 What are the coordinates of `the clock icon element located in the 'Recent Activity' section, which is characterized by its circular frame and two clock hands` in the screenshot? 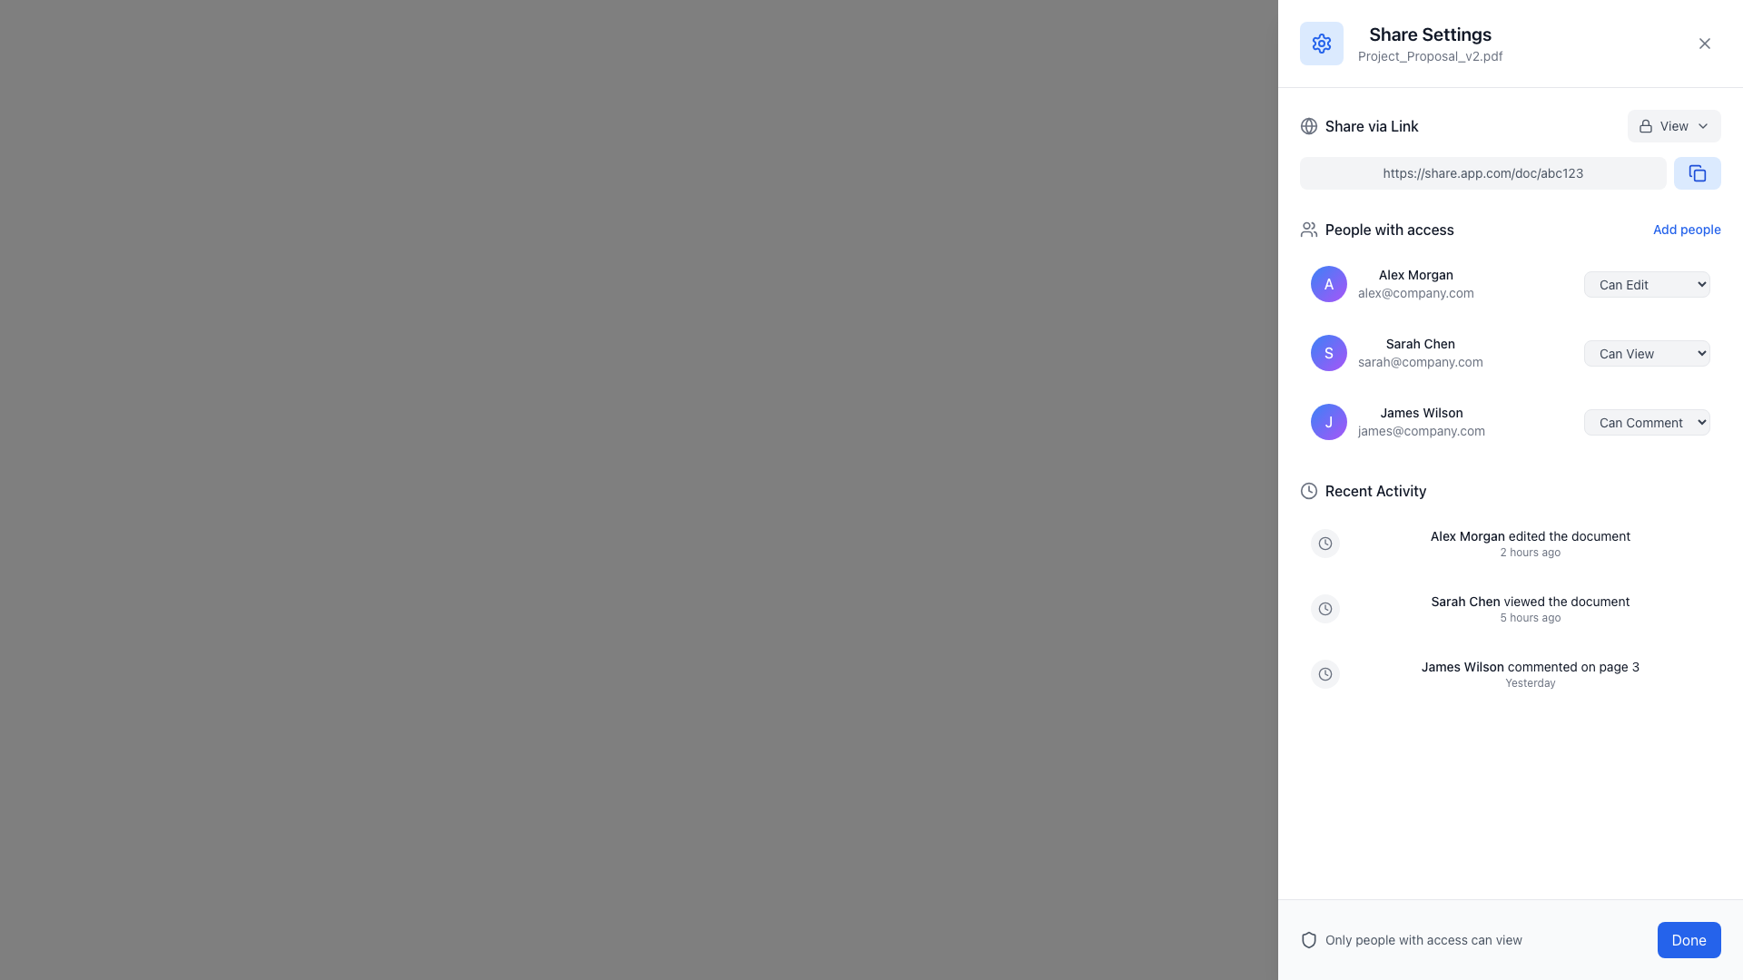 It's located at (1324, 609).